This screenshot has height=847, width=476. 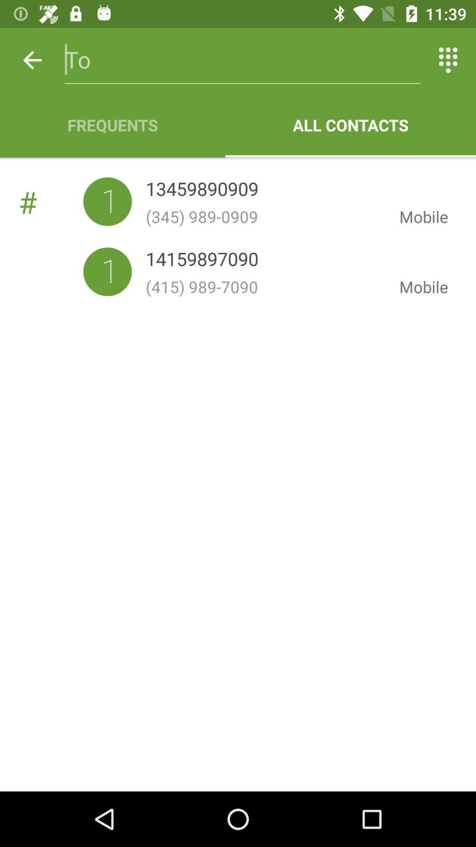 What do you see at coordinates (265, 217) in the screenshot?
I see `the icon above the 14159897090 item` at bounding box center [265, 217].